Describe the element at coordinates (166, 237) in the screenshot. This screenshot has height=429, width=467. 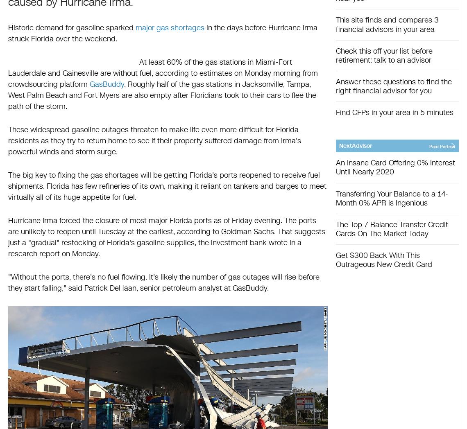
I see `'Hurricane Irma forced the closure of most major Florida ports as of Friday evening. The ports are unlikely to reopen until Tuesday at the earliest, according to Goldman Sachs. That suggests just a "gradual" restocking of Florida's gasoline supplies, the investment bank wrote in a research report on Monday.'` at that location.